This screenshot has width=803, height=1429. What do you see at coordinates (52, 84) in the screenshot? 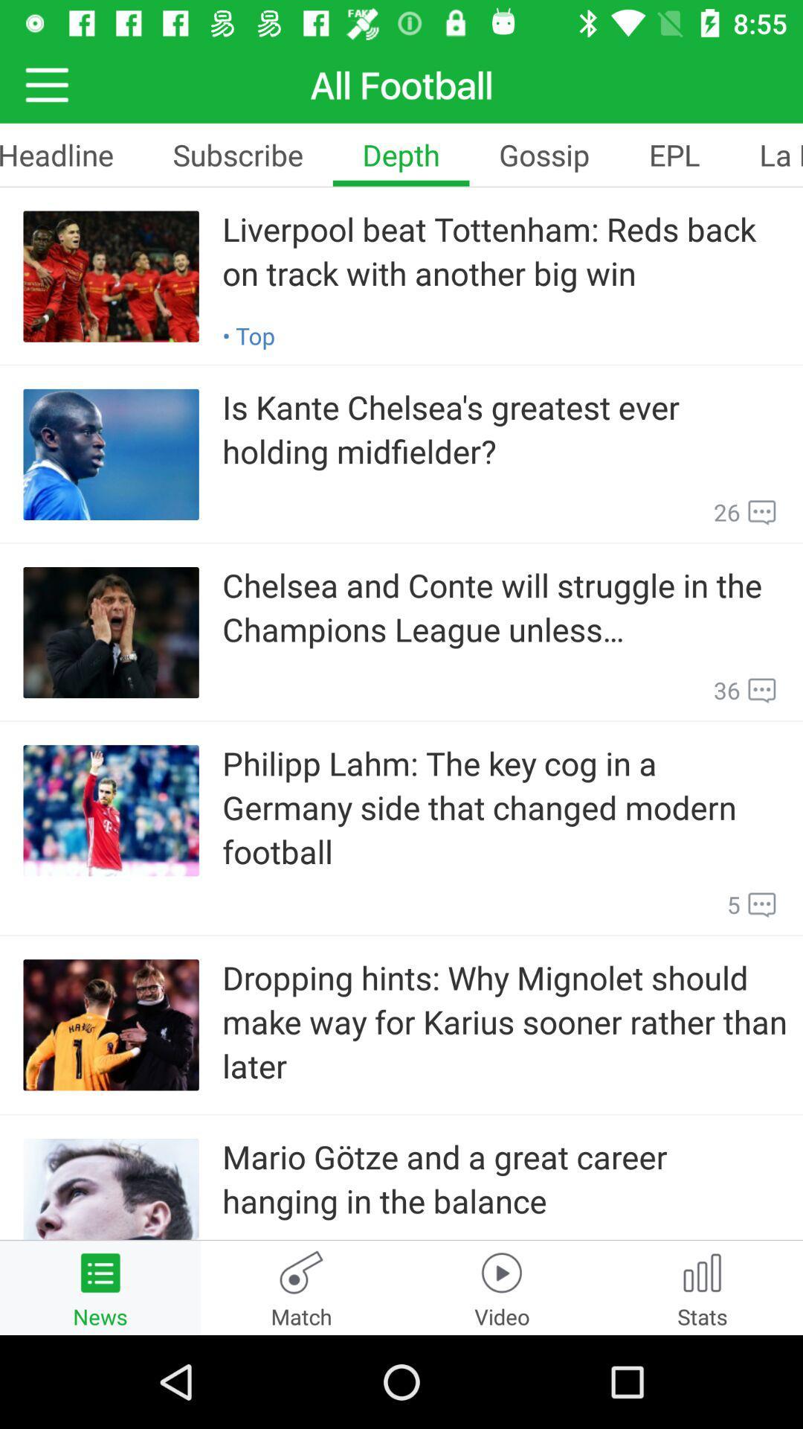
I see `the menu icon` at bounding box center [52, 84].